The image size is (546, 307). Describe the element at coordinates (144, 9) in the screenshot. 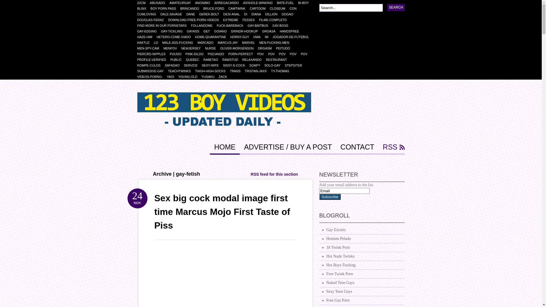

I see `'BLINX'` at that location.